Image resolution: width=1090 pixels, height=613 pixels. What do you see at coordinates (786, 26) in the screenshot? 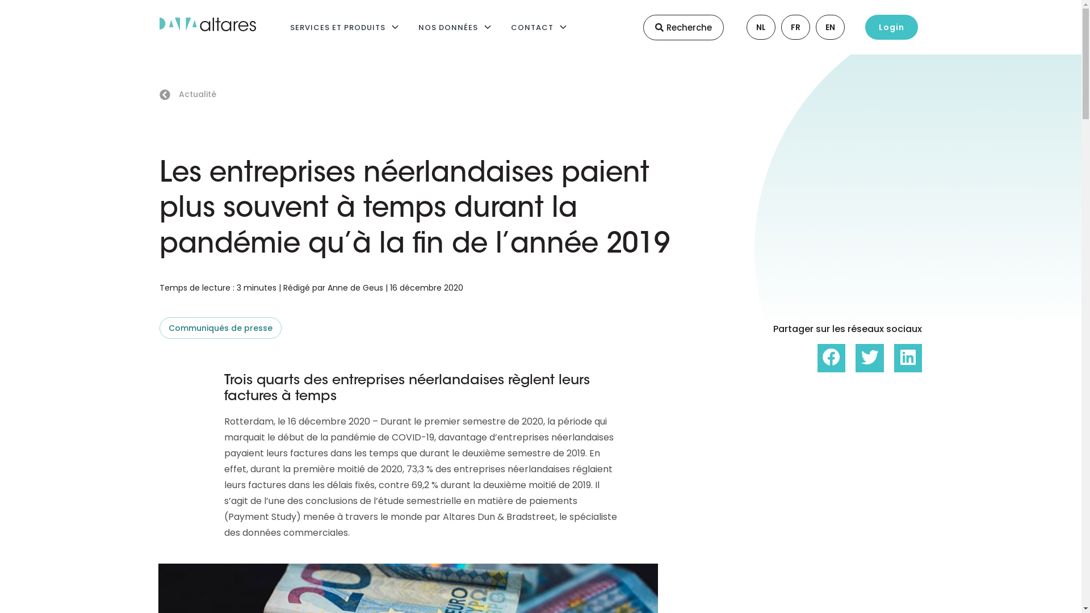
I see `'FR'` at bounding box center [786, 26].